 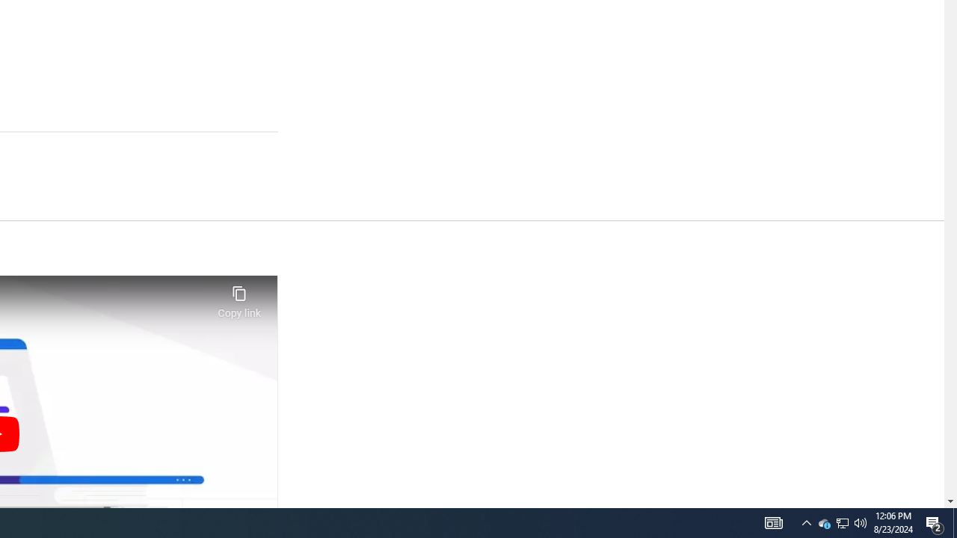 I want to click on 'Copy link', so click(x=239, y=297).